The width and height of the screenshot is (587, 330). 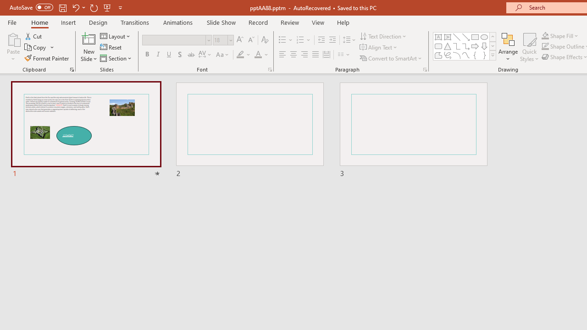 What do you see at coordinates (257, 55) in the screenshot?
I see `'Font Color Red'` at bounding box center [257, 55].